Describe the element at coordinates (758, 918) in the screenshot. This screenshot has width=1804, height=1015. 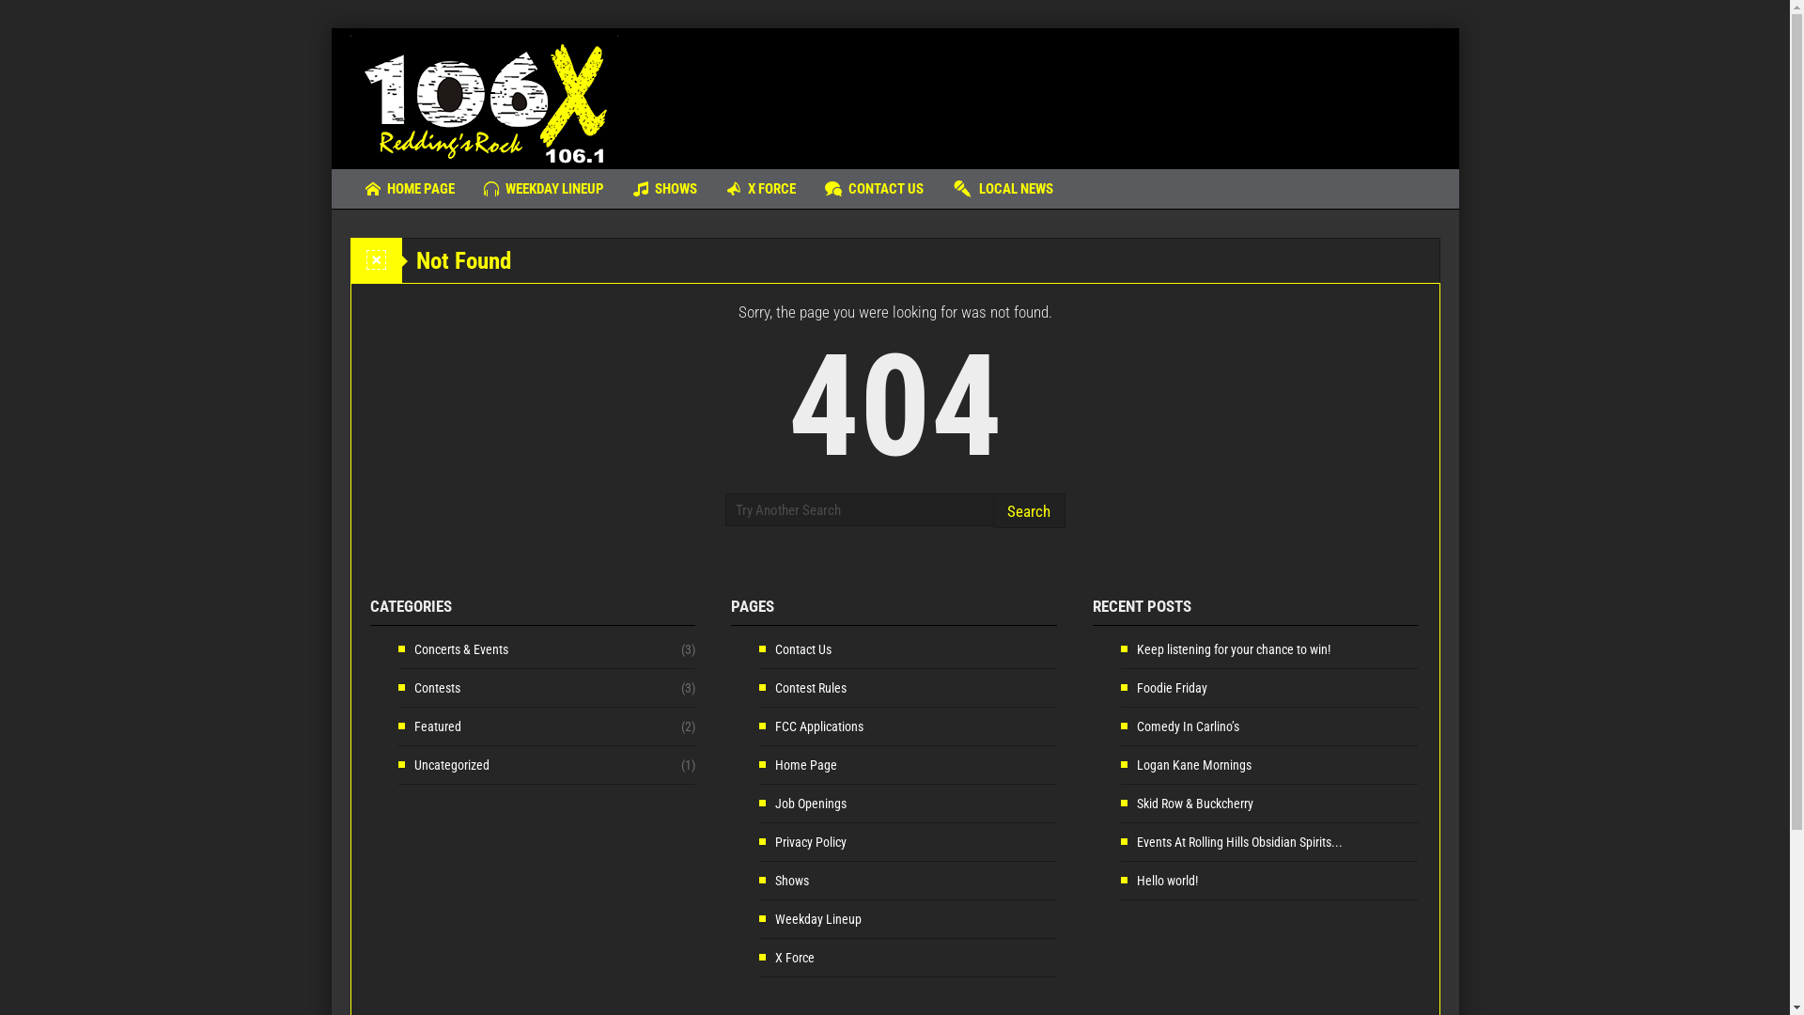
I see `'Weekday Lineup'` at that location.